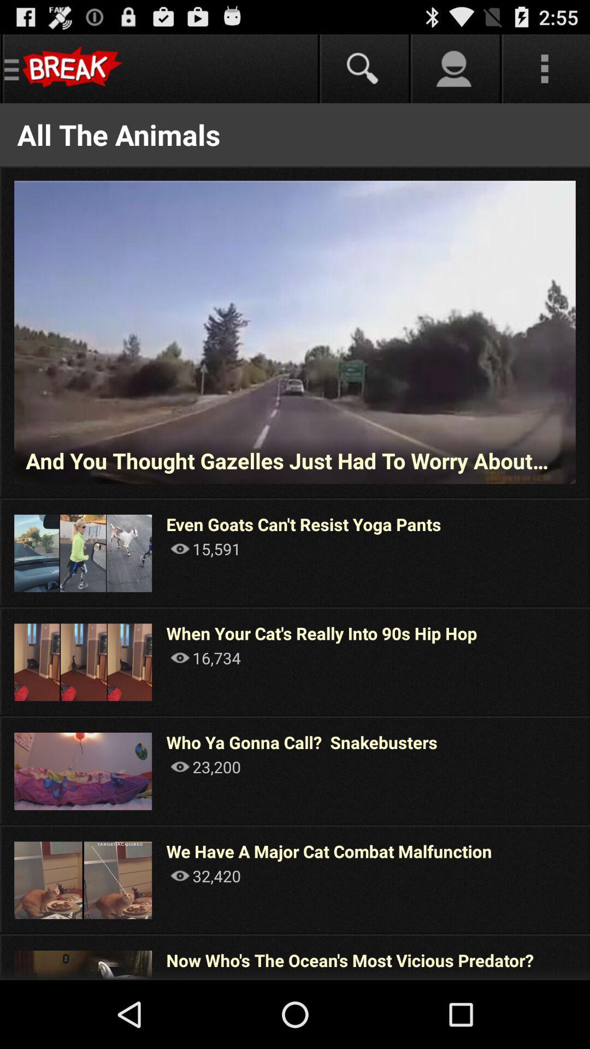 Image resolution: width=590 pixels, height=1049 pixels. I want to click on the 16,734 icon, so click(205, 657).